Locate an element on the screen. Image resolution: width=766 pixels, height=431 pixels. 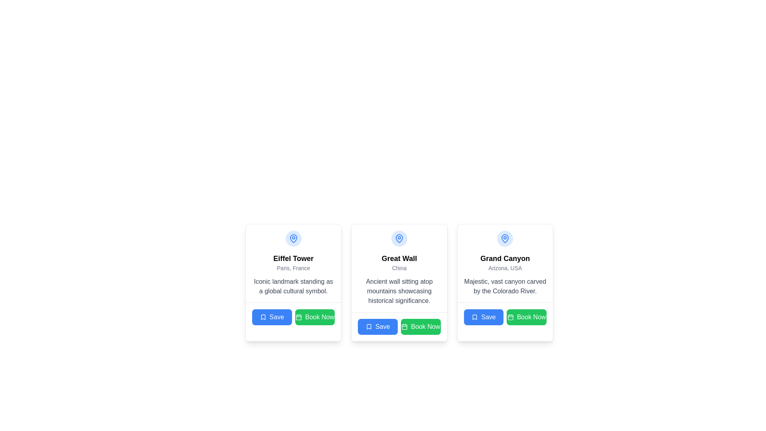
the text label component providing descriptive information about the Eiffel Tower, located beneath the subtitle 'Paris, France' in the card layout is located at coordinates (293, 286).